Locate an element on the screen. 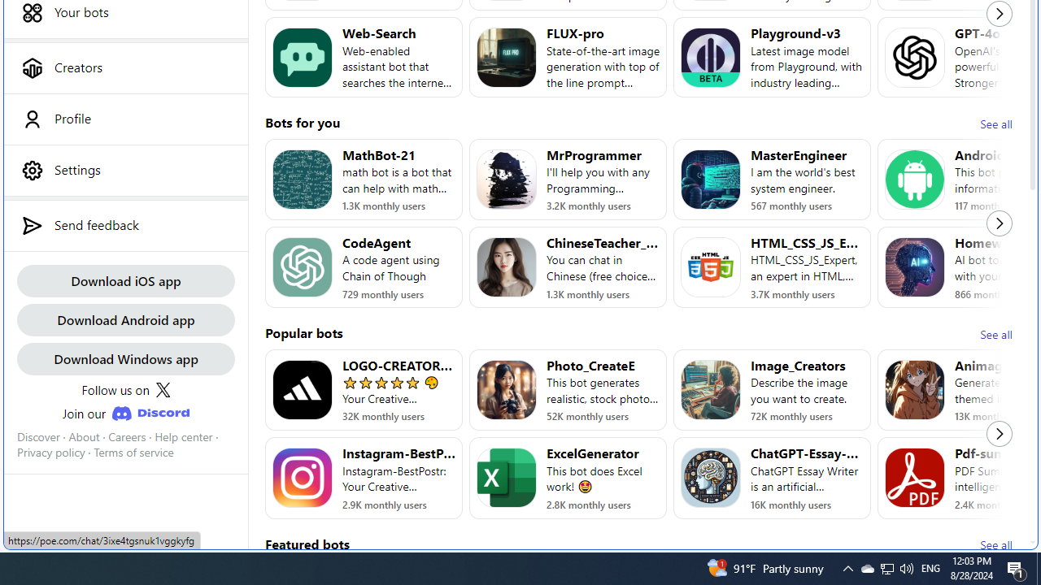  'Careers' is located at coordinates (126, 435).